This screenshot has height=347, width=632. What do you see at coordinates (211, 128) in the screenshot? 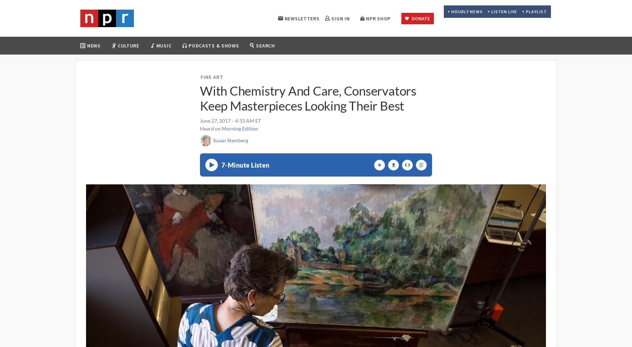
I see `'Heard on'` at bounding box center [211, 128].